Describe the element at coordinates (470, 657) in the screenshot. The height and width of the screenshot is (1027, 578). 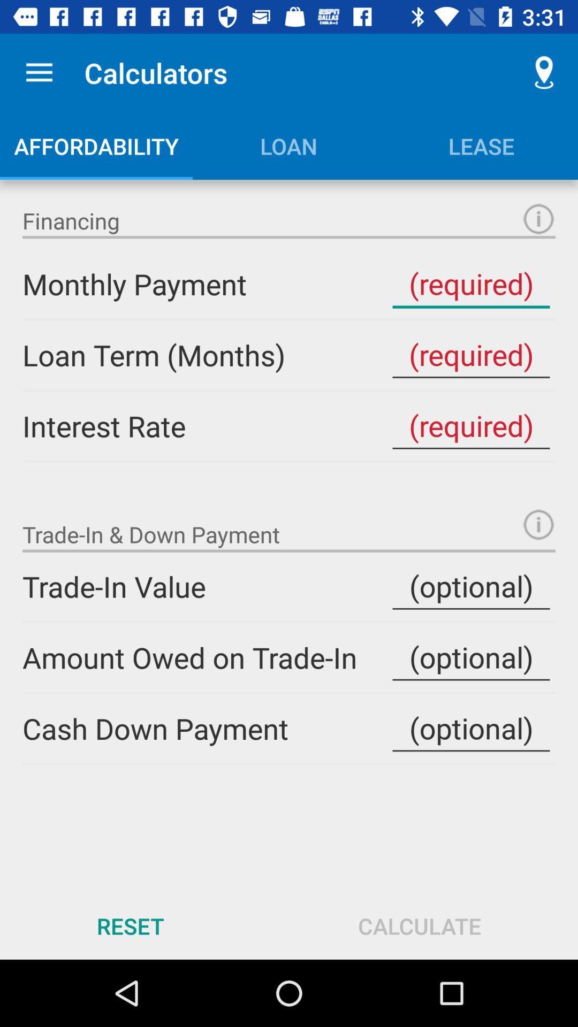
I see `data line` at that location.